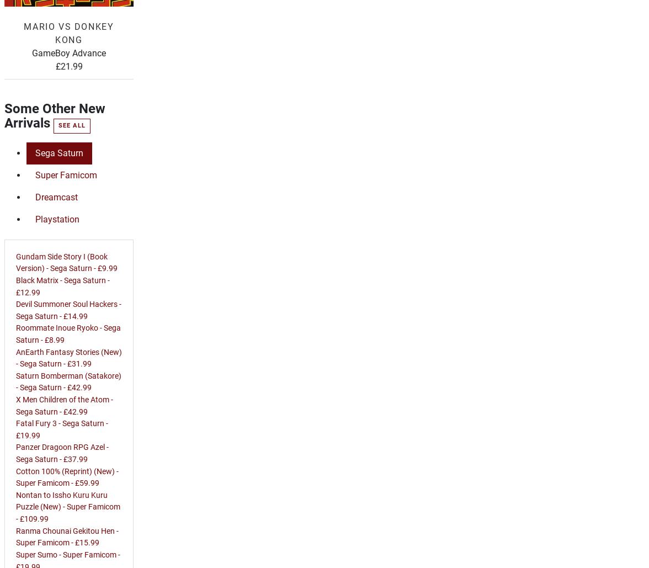  Describe the element at coordinates (56, 197) in the screenshot. I see `'Dreamcast'` at that location.